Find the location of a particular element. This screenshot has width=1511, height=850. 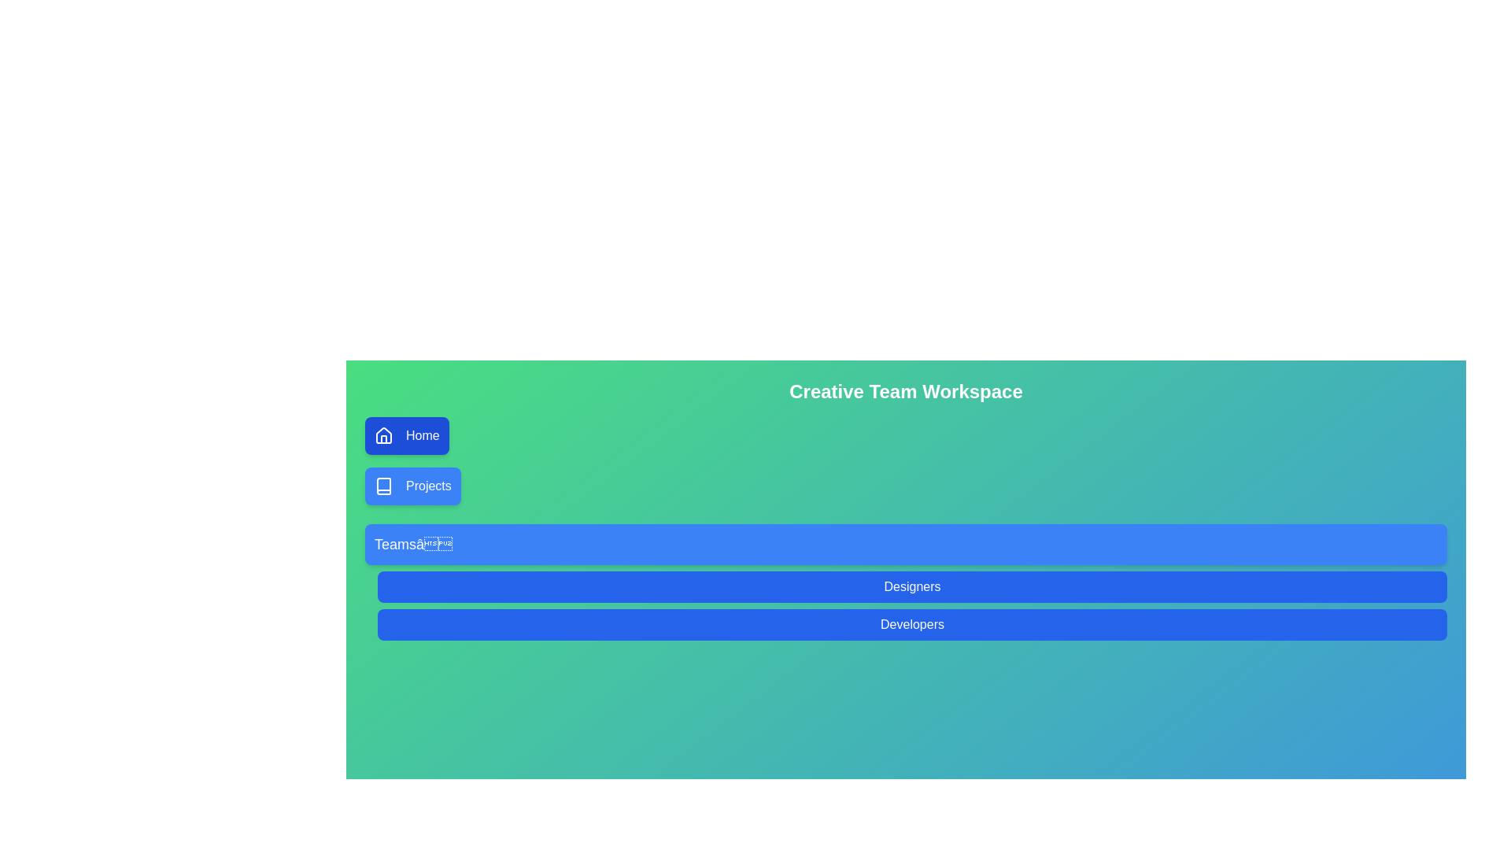

the blue button labeled 'Teams∓' is located at coordinates (906, 543).